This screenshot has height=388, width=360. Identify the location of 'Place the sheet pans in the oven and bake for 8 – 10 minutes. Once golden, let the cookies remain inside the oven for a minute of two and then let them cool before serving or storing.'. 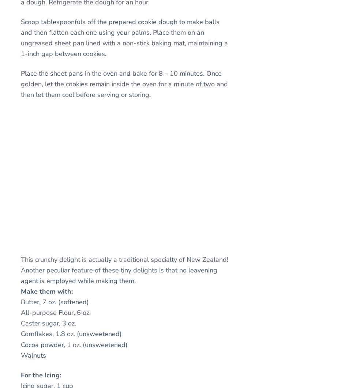
(124, 83).